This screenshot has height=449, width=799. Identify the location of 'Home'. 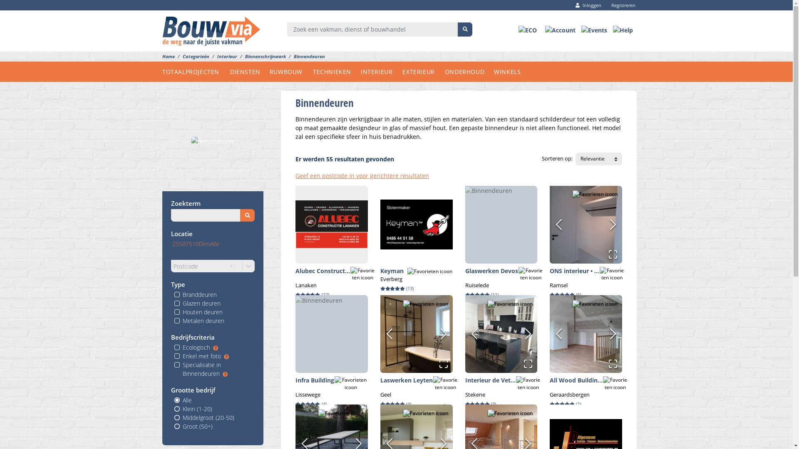
(168, 56).